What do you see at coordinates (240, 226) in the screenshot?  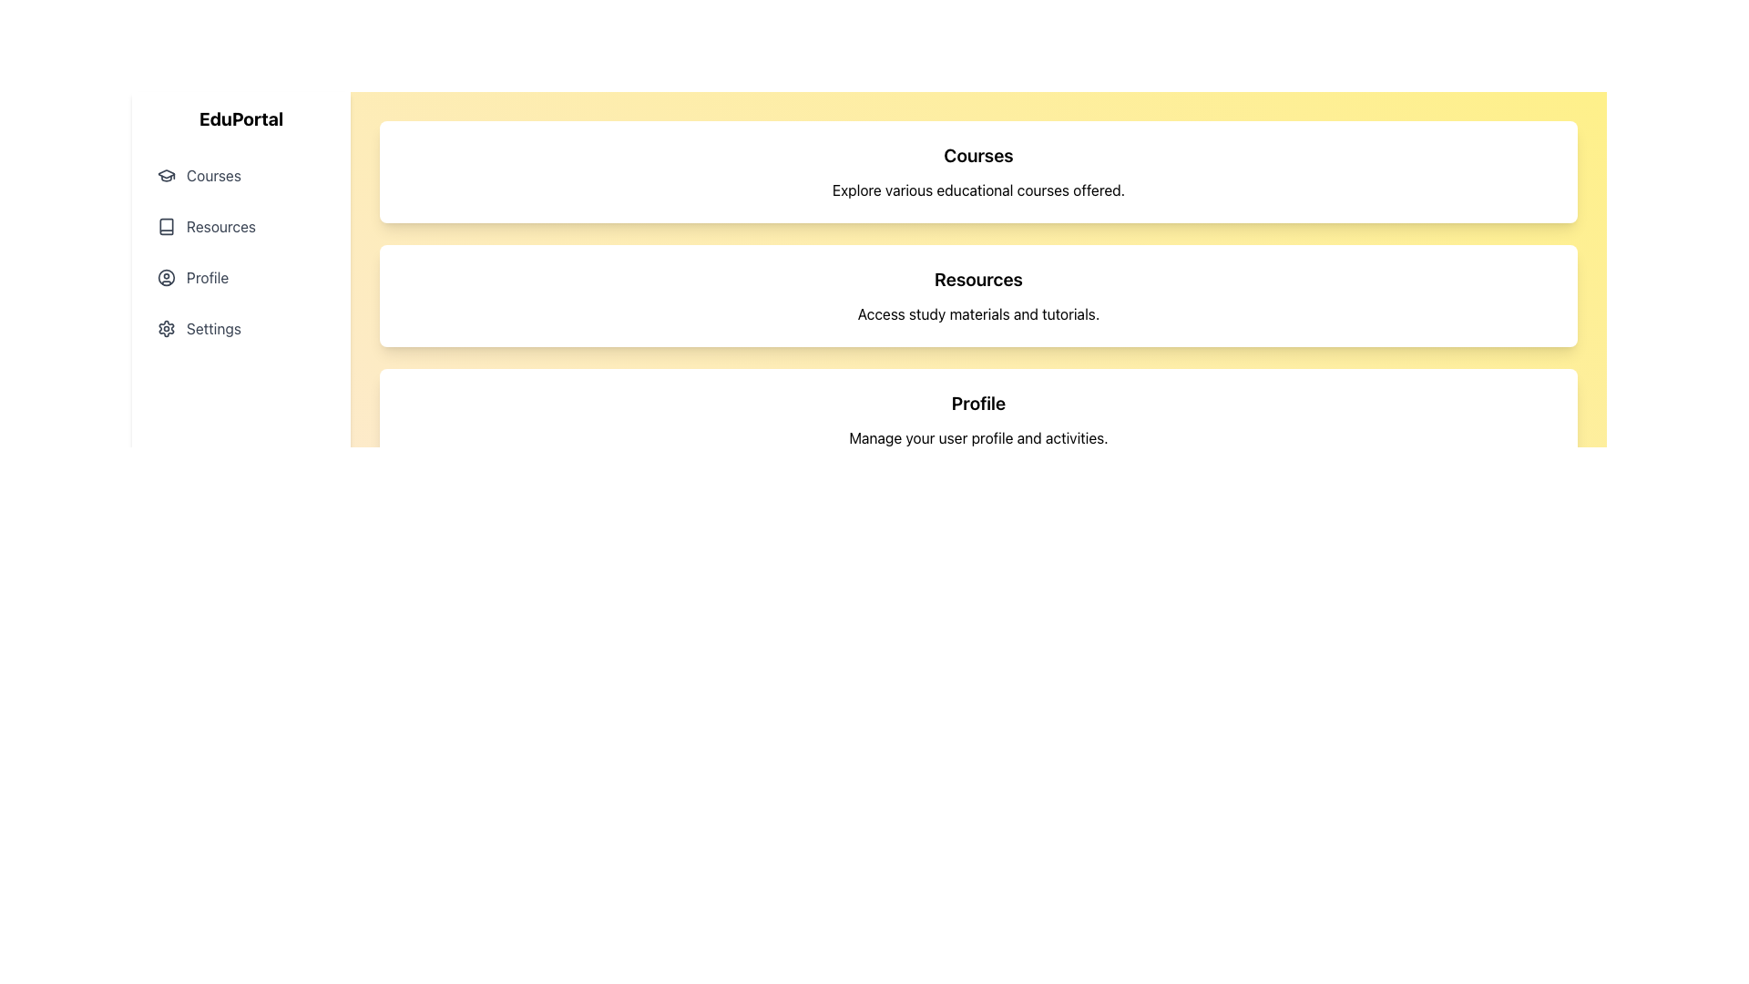 I see `the 'Resources' navigation button, which is a horizontal rectangular item with a book icon, located in the vertical menu on the left side of the page, positioned between 'Courses' and 'Profile'` at bounding box center [240, 226].